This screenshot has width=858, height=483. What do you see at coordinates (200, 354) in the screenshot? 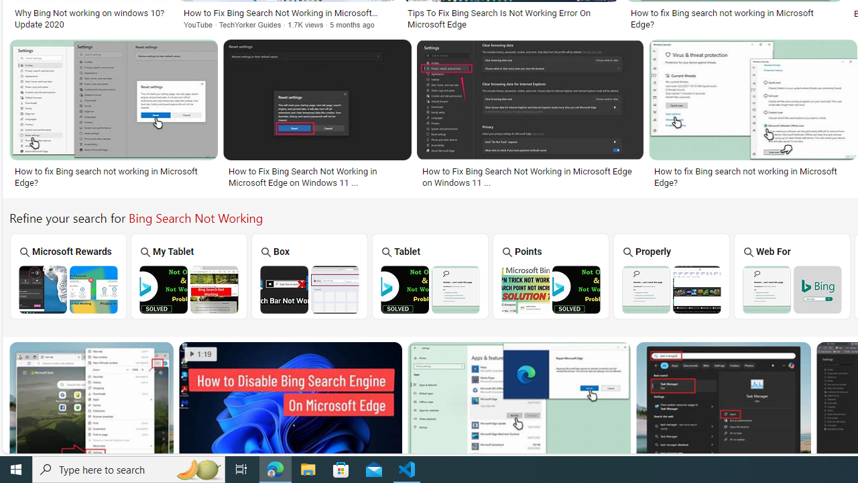
I see `'1:19'` at bounding box center [200, 354].